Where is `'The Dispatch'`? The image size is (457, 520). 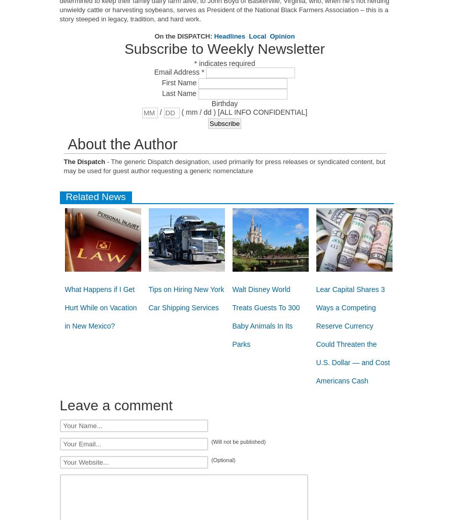 'The Dispatch' is located at coordinates (63, 161).